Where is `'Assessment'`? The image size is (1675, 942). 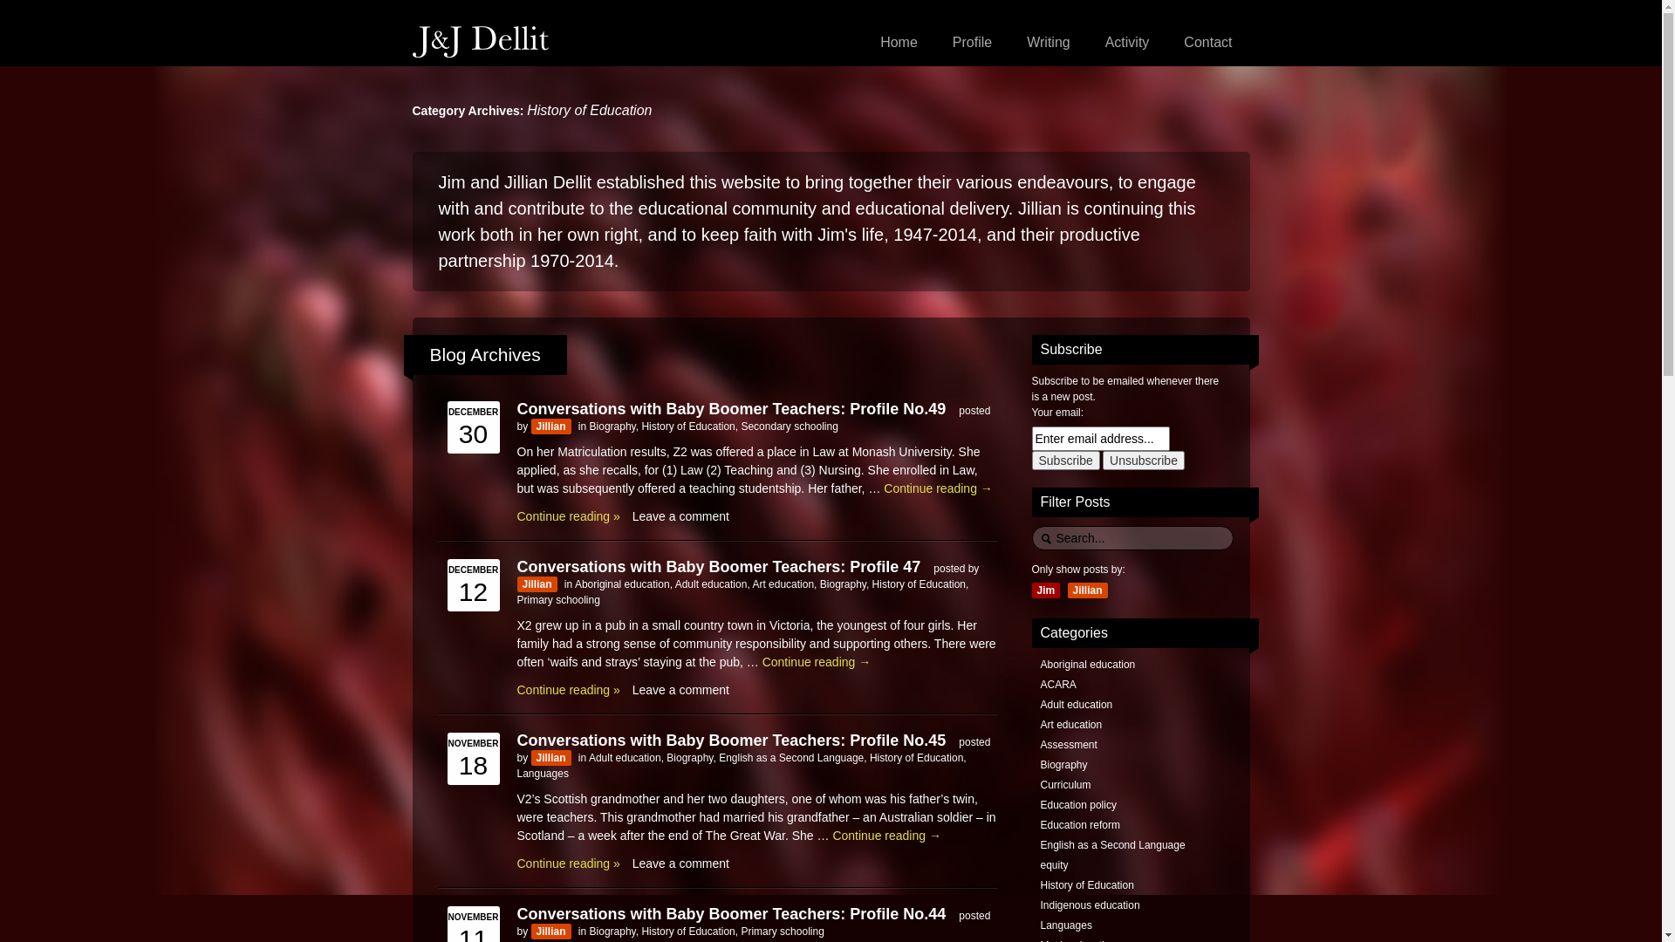
'Assessment' is located at coordinates (1067, 744).